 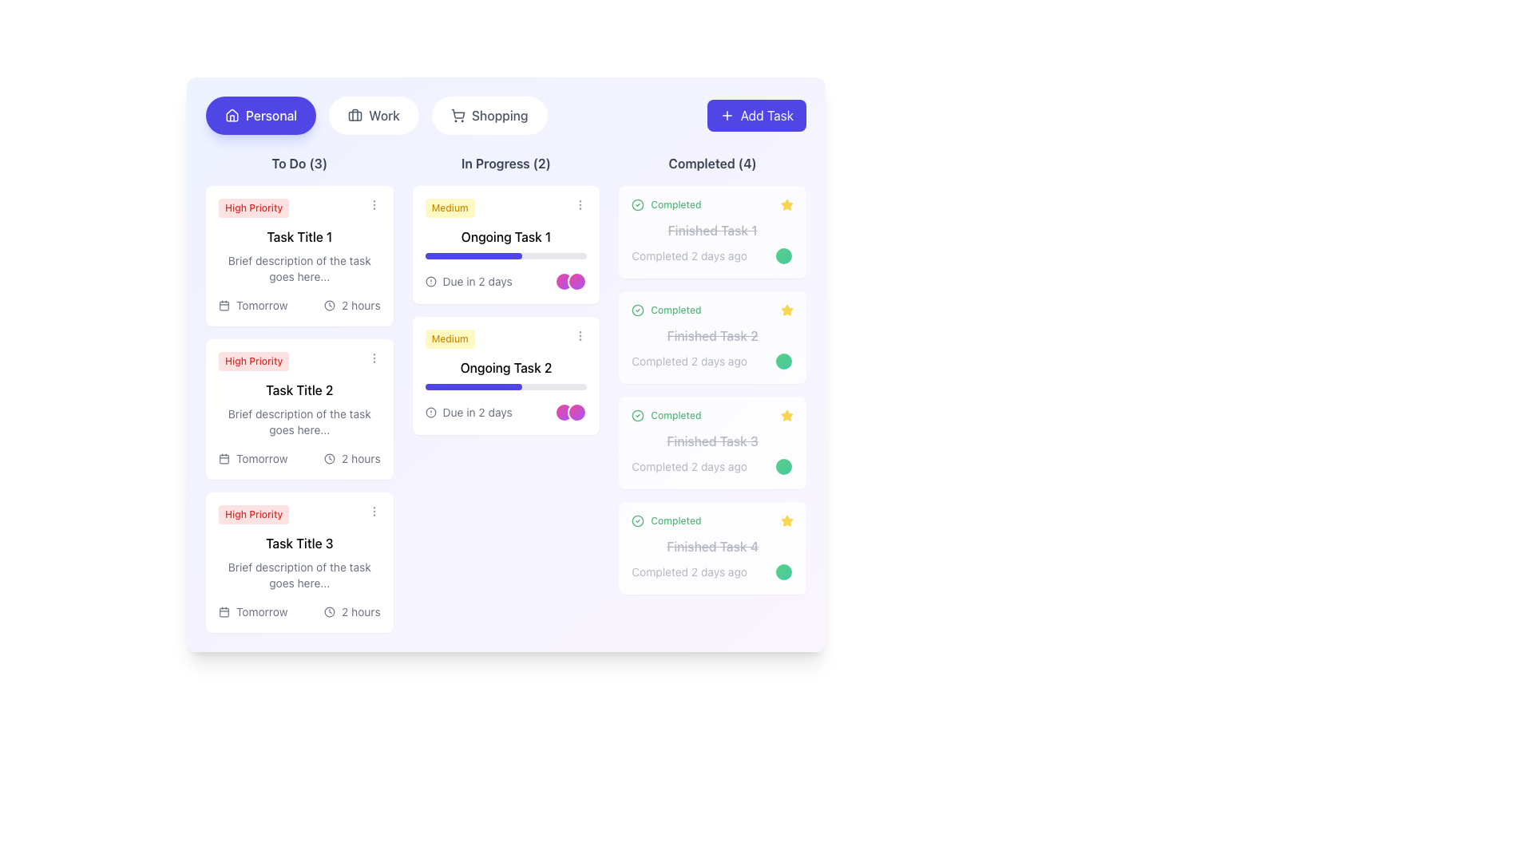 I want to click on the text label indicating 'Finished Task 2', which is styled with a line-through and gray color, located in the 'Completed' column, so click(x=711, y=334).